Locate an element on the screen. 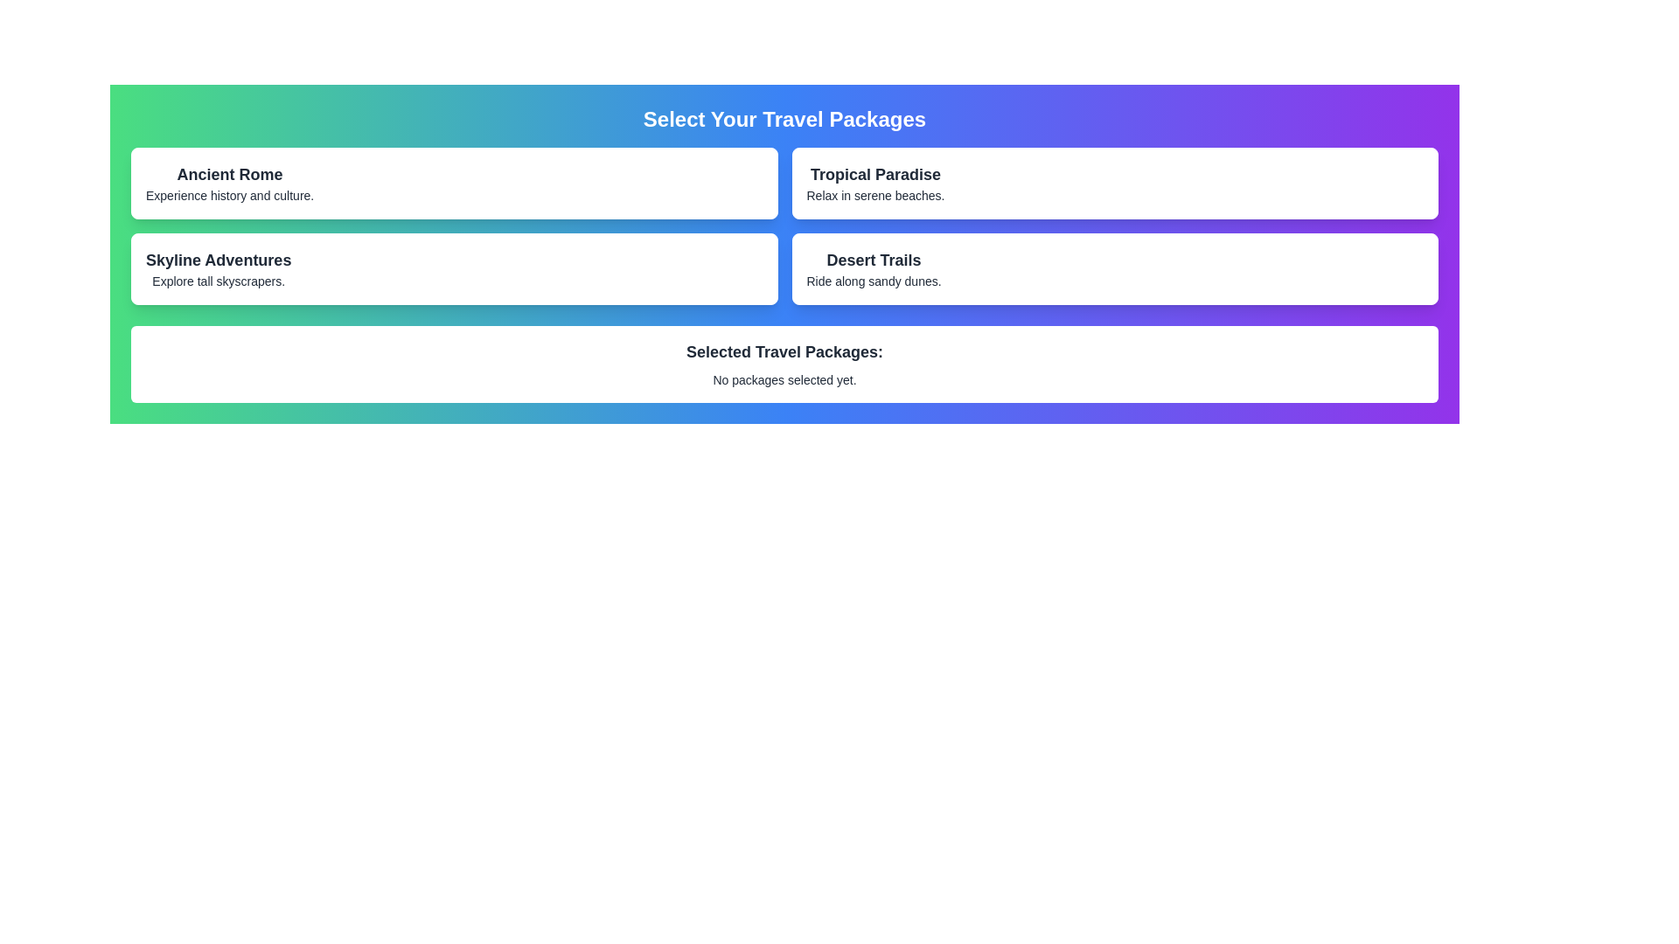 This screenshot has height=944, width=1679. the static text label that reads 'Relax in serene beaches.', positioned below 'Tropical Paradise.' is located at coordinates (875, 195).